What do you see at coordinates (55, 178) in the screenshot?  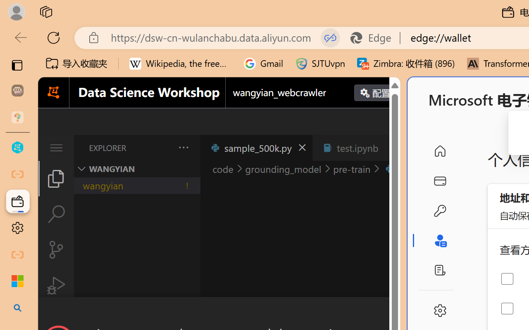 I see `'Explorer (Ctrl+Shift+E)'` at bounding box center [55, 178].